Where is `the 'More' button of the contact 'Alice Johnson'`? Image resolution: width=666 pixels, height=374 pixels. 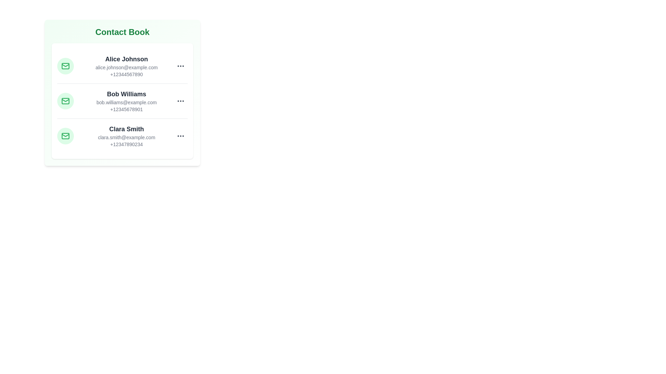 the 'More' button of the contact 'Alice Johnson' is located at coordinates (181, 66).